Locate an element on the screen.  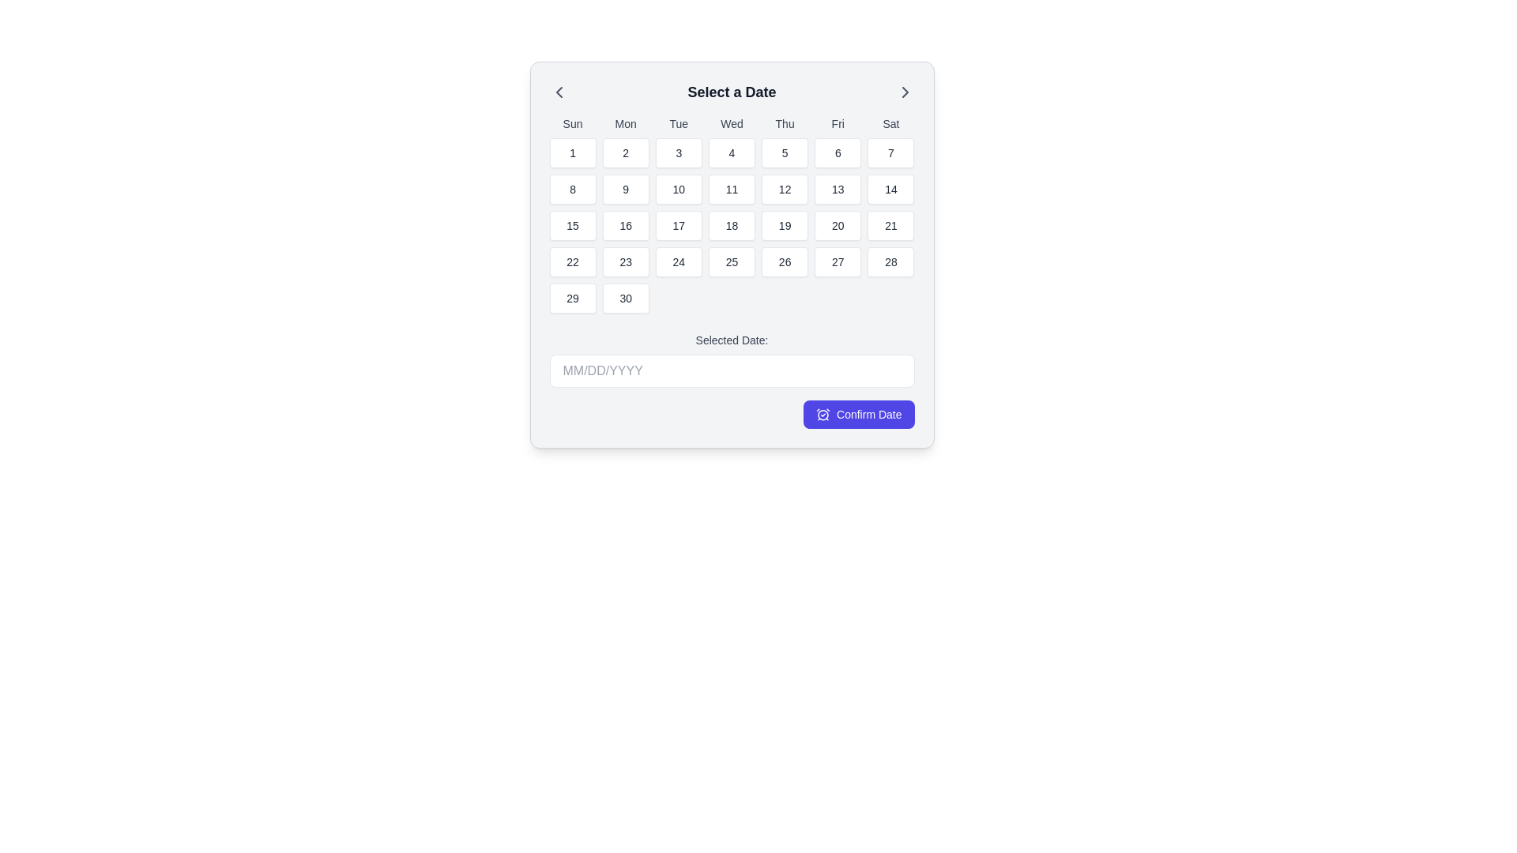
the second day selection button in the calendar, located under the 'Mon' label is located at coordinates (625, 152).